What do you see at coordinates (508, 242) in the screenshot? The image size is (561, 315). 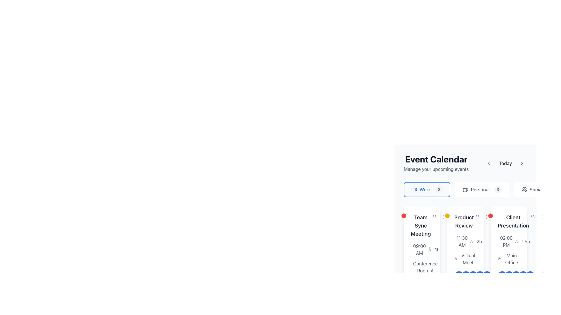 I see `the Text Display Component showing '02:00 PM · 1.5h' in the 'Client Presentation' card located in the top part of the event calendar interface` at bounding box center [508, 242].